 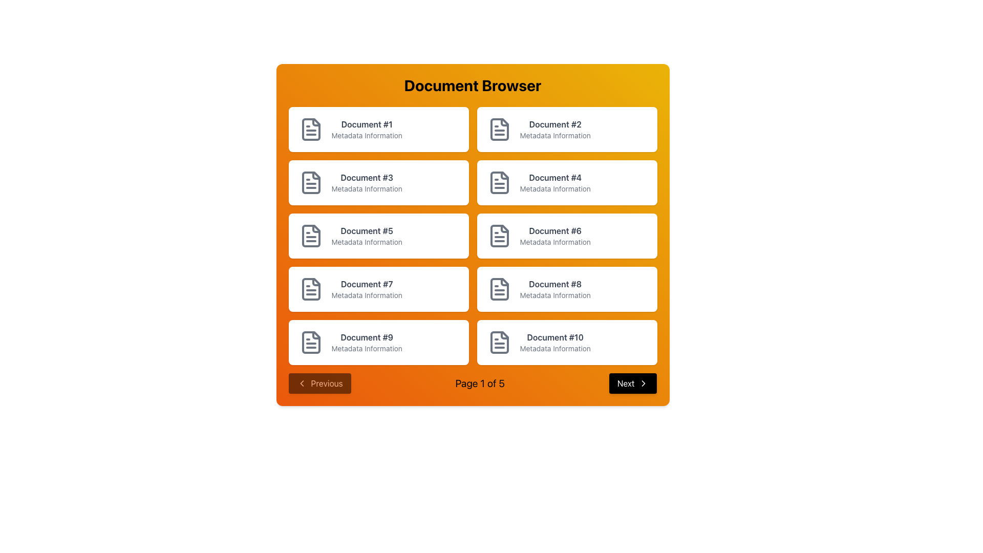 What do you see at coordinates (367, 295) in the screenshot?
I see `the text label displaying 'Metadata Information' located beneath the main title 'Document #7'` at bounding box center [367, 295].